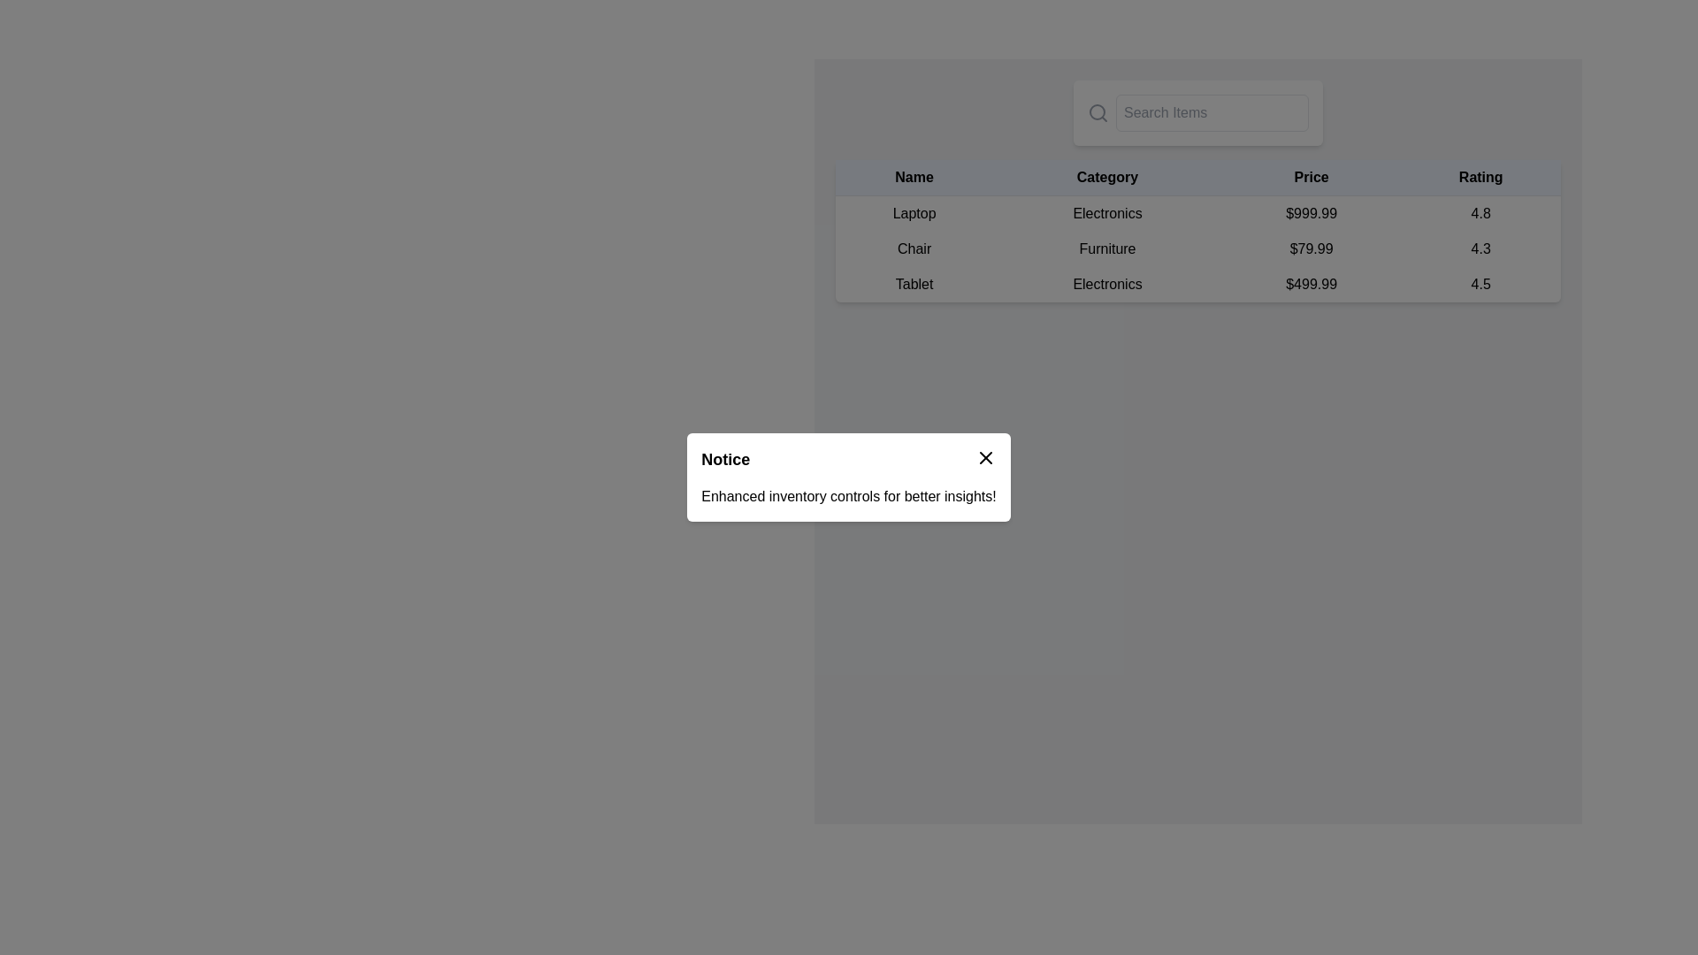 Image resolution: width=1698 pixels, height=955 pixels. I want to click on the Text label displaying '4.8' in the 'Rating' column for the product 'Laptop', so click(1480, 212).